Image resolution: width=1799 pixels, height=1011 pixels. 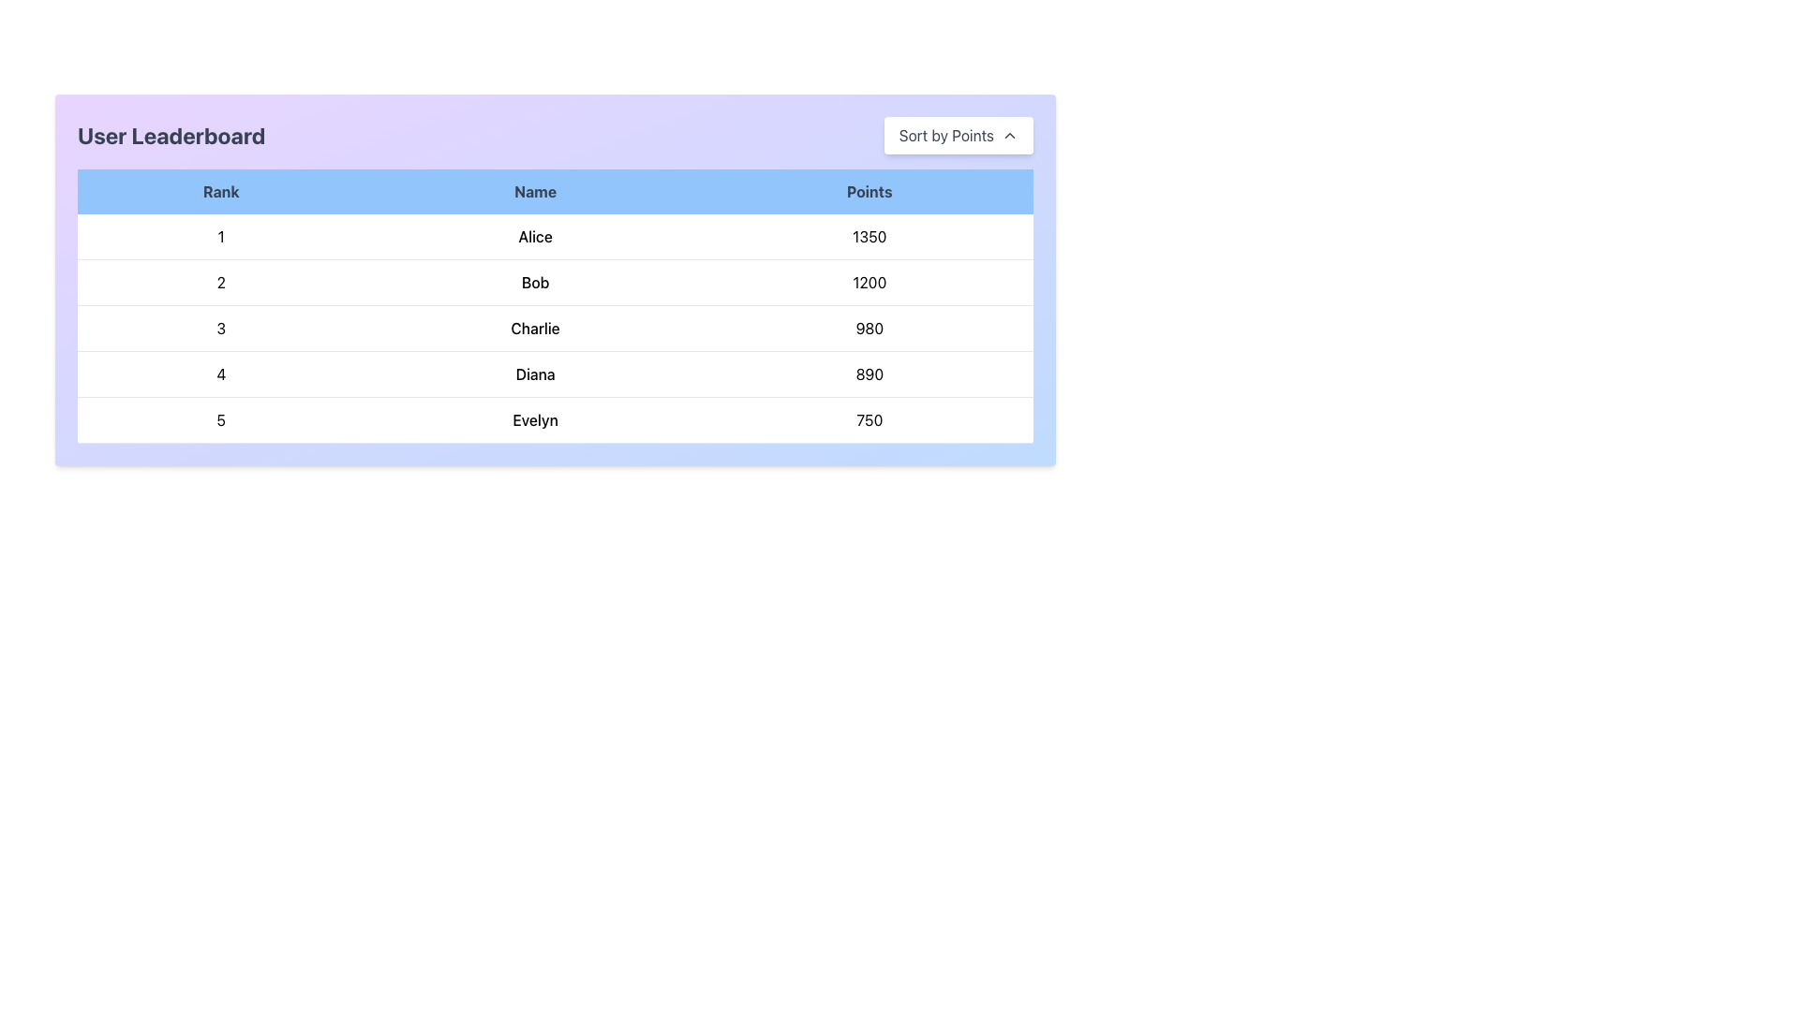 What do you see at coordinates (534, 328) in the screenshot?
I see `the text label containing the name 'Charlie' in the leaderboard table, located in the third row under the 'Name' column` at bounding box center [534, 328].